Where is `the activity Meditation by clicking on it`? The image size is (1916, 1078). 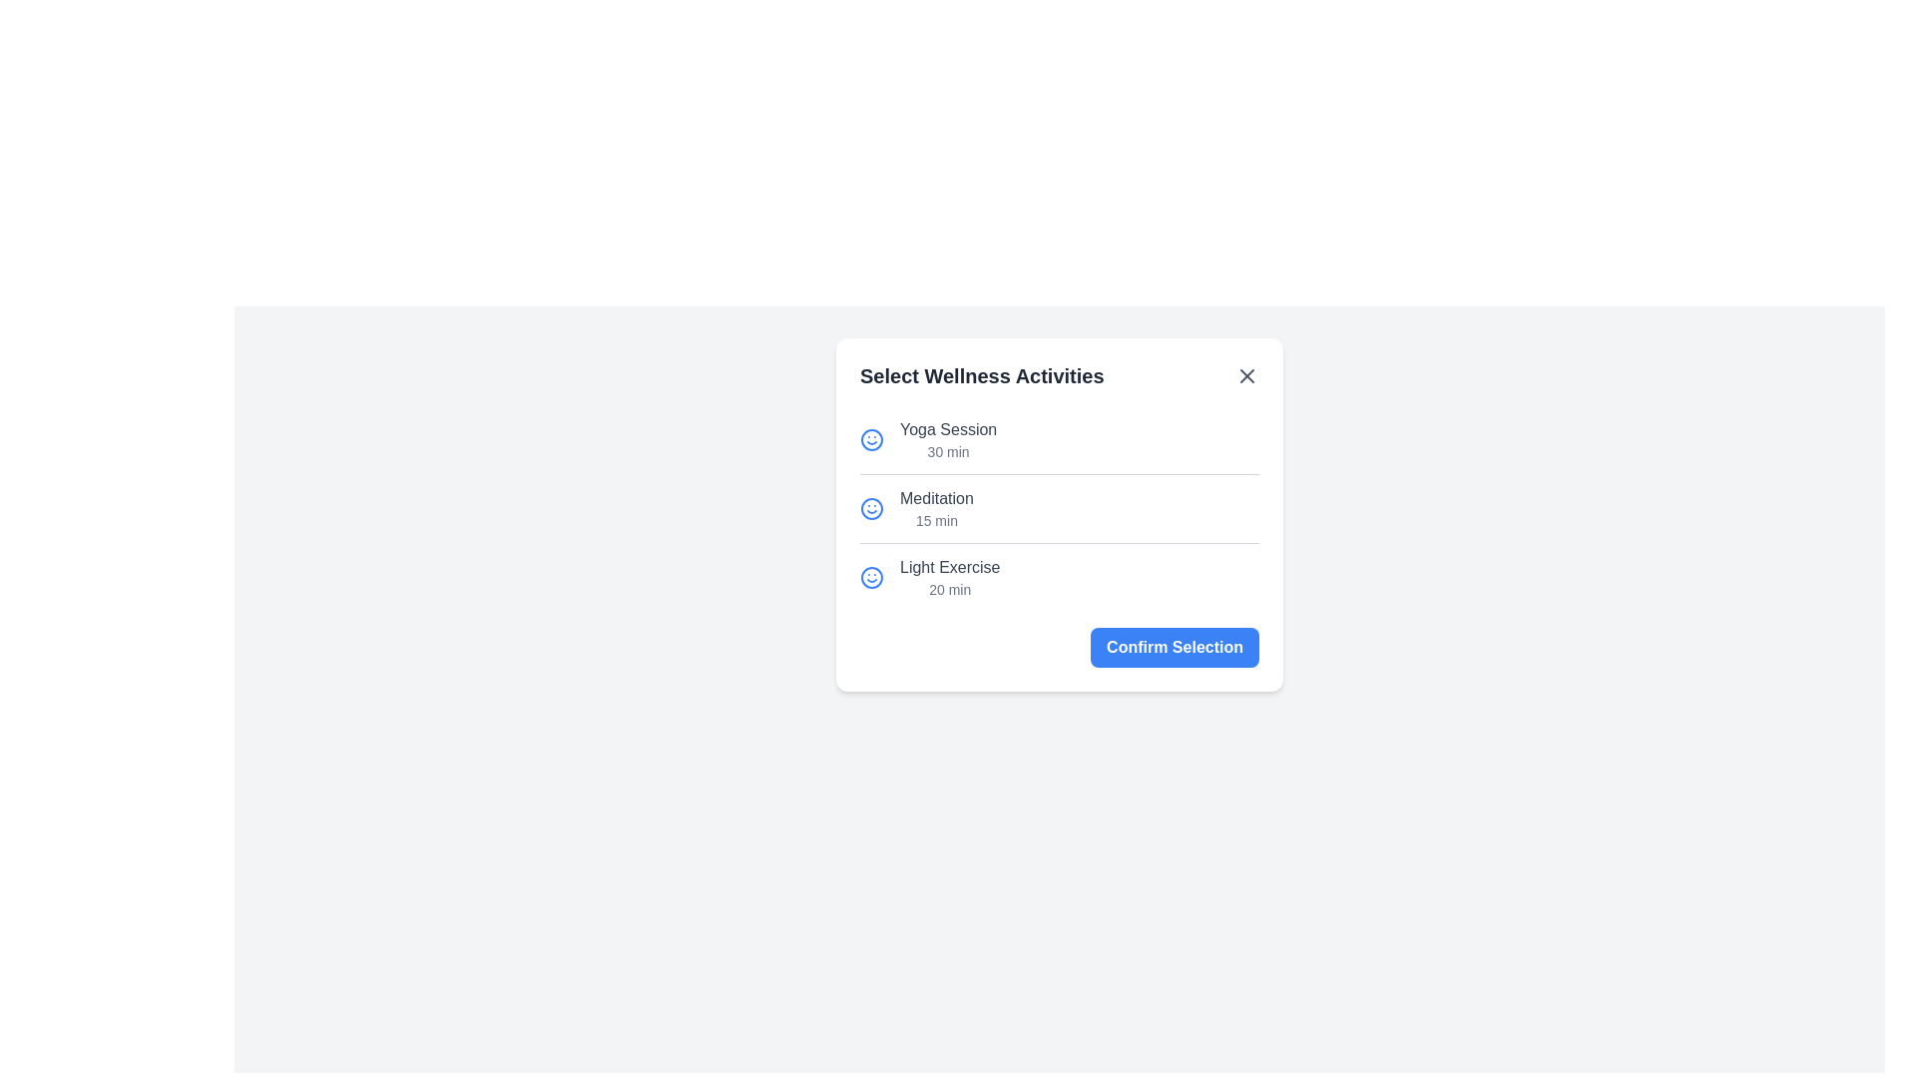 the activity Meditation by clicking on it is located at coordinates (1058, 507).